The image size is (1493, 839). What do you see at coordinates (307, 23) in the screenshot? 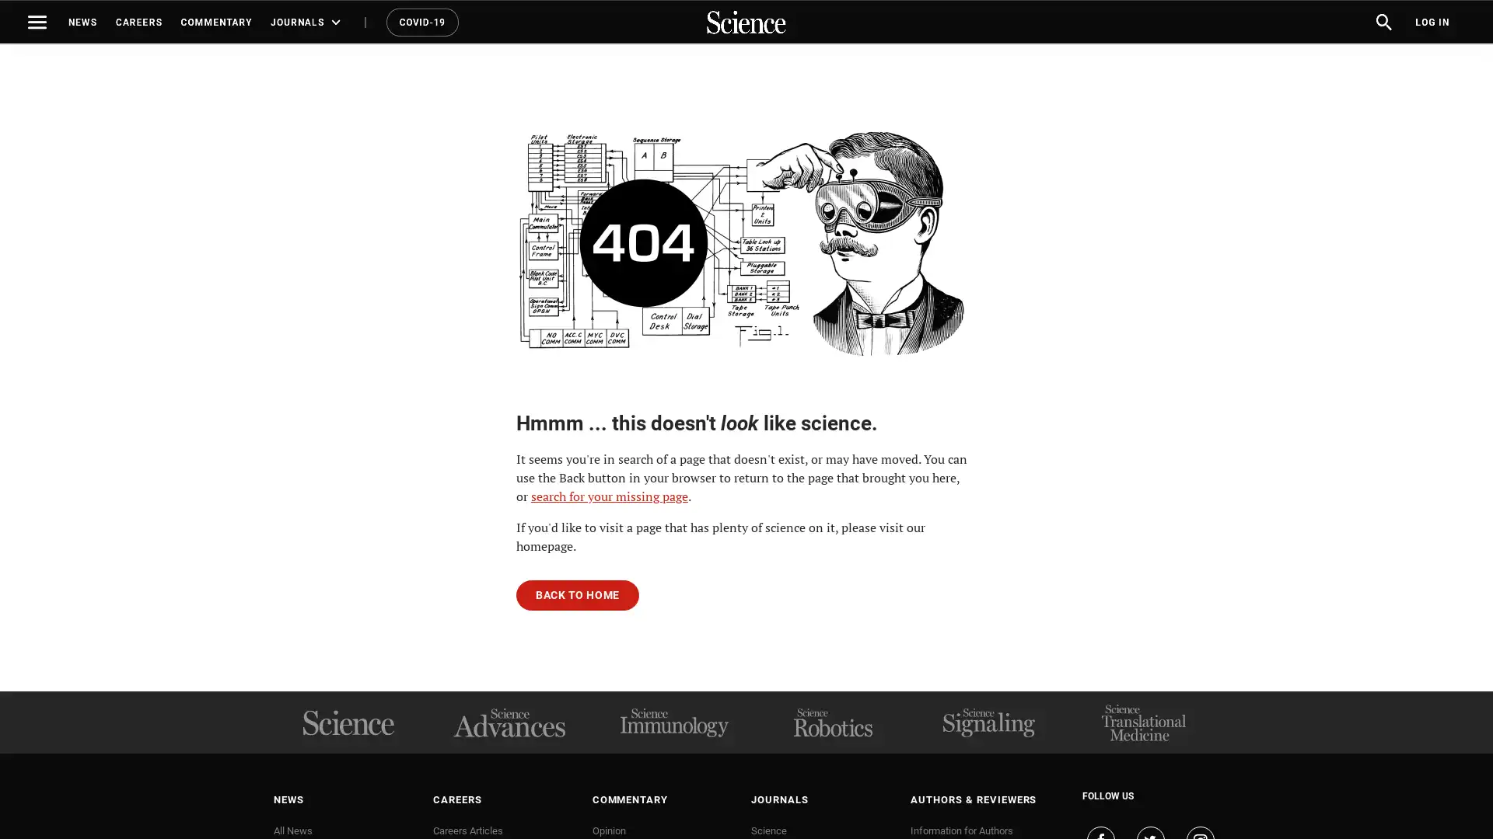
I see `JOURNALS` at bounding box center [307, 23].